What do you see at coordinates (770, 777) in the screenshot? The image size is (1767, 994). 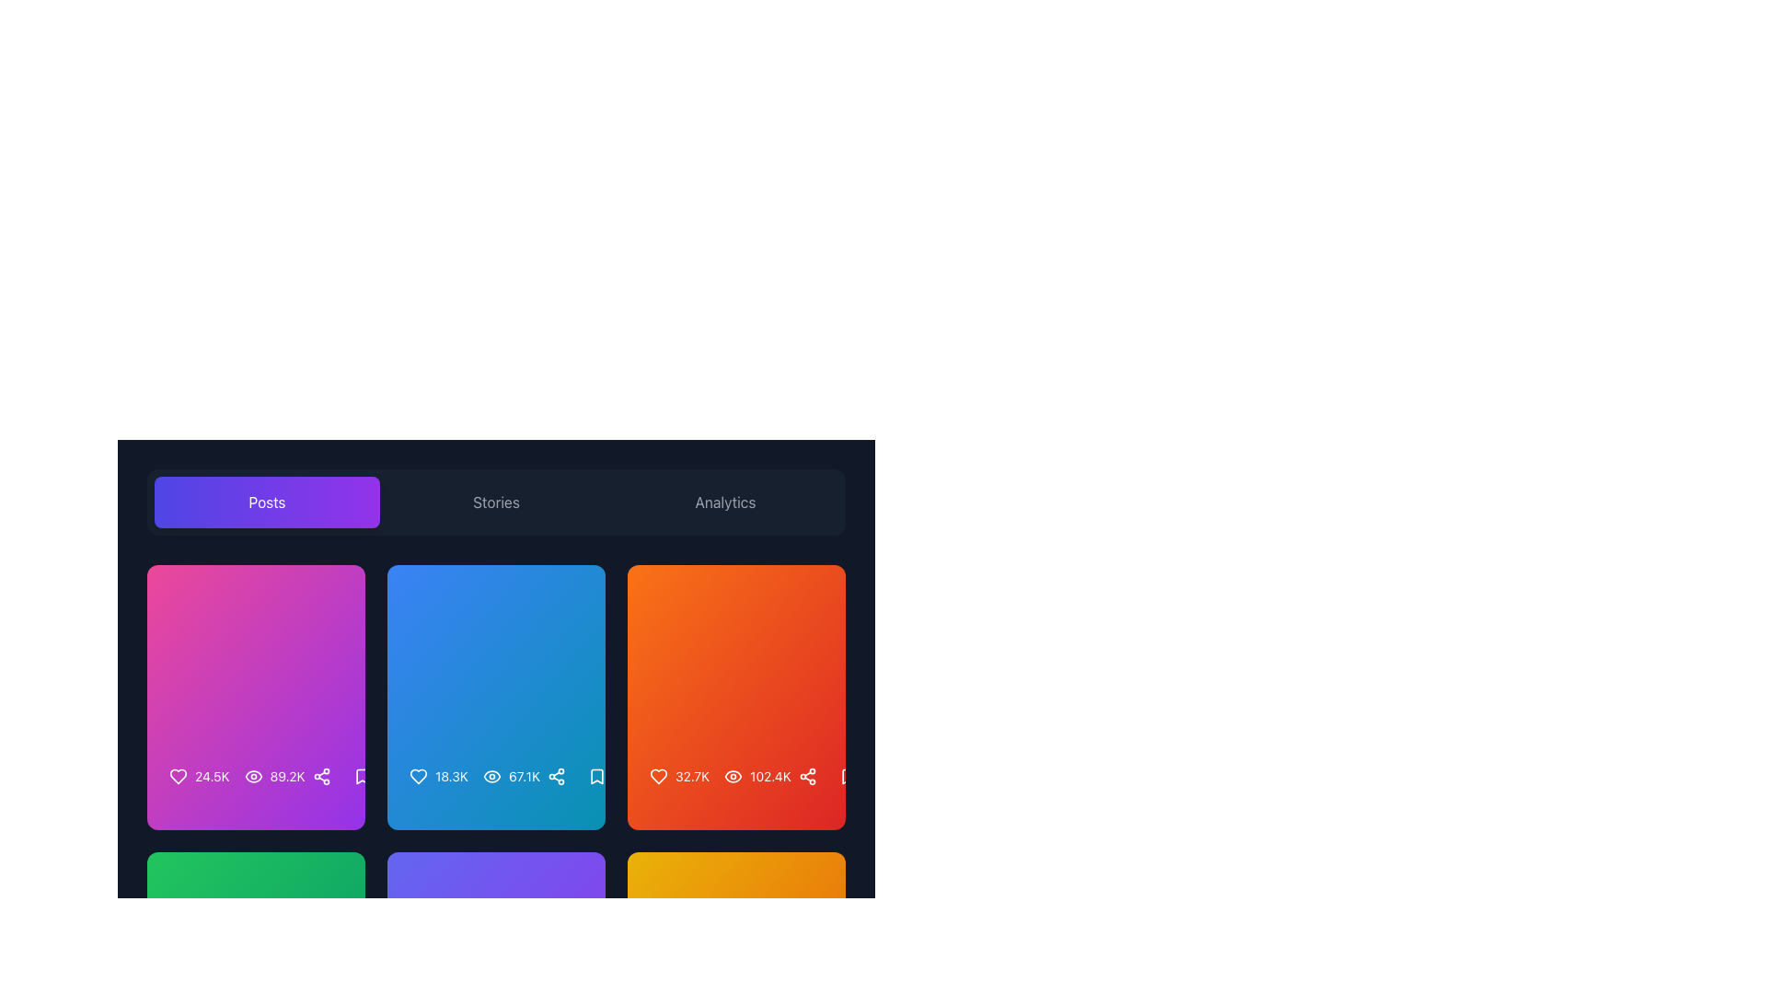 I see `the text label displaying the numerical view count located at the bottom-right section of a card with an orange gradient background, adjacent to an eye icon` at bounding box center [770, 777].